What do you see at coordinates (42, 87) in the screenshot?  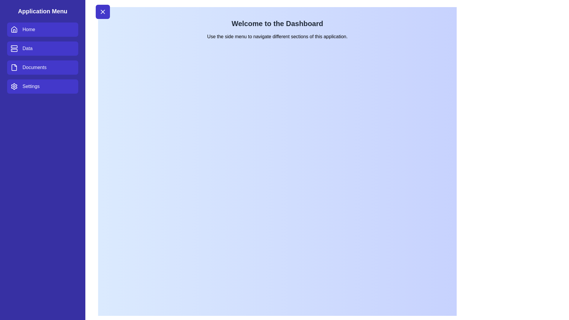 I see `the menu item labeled Settings to observe its hover effect` at bounding box center [42, 87].